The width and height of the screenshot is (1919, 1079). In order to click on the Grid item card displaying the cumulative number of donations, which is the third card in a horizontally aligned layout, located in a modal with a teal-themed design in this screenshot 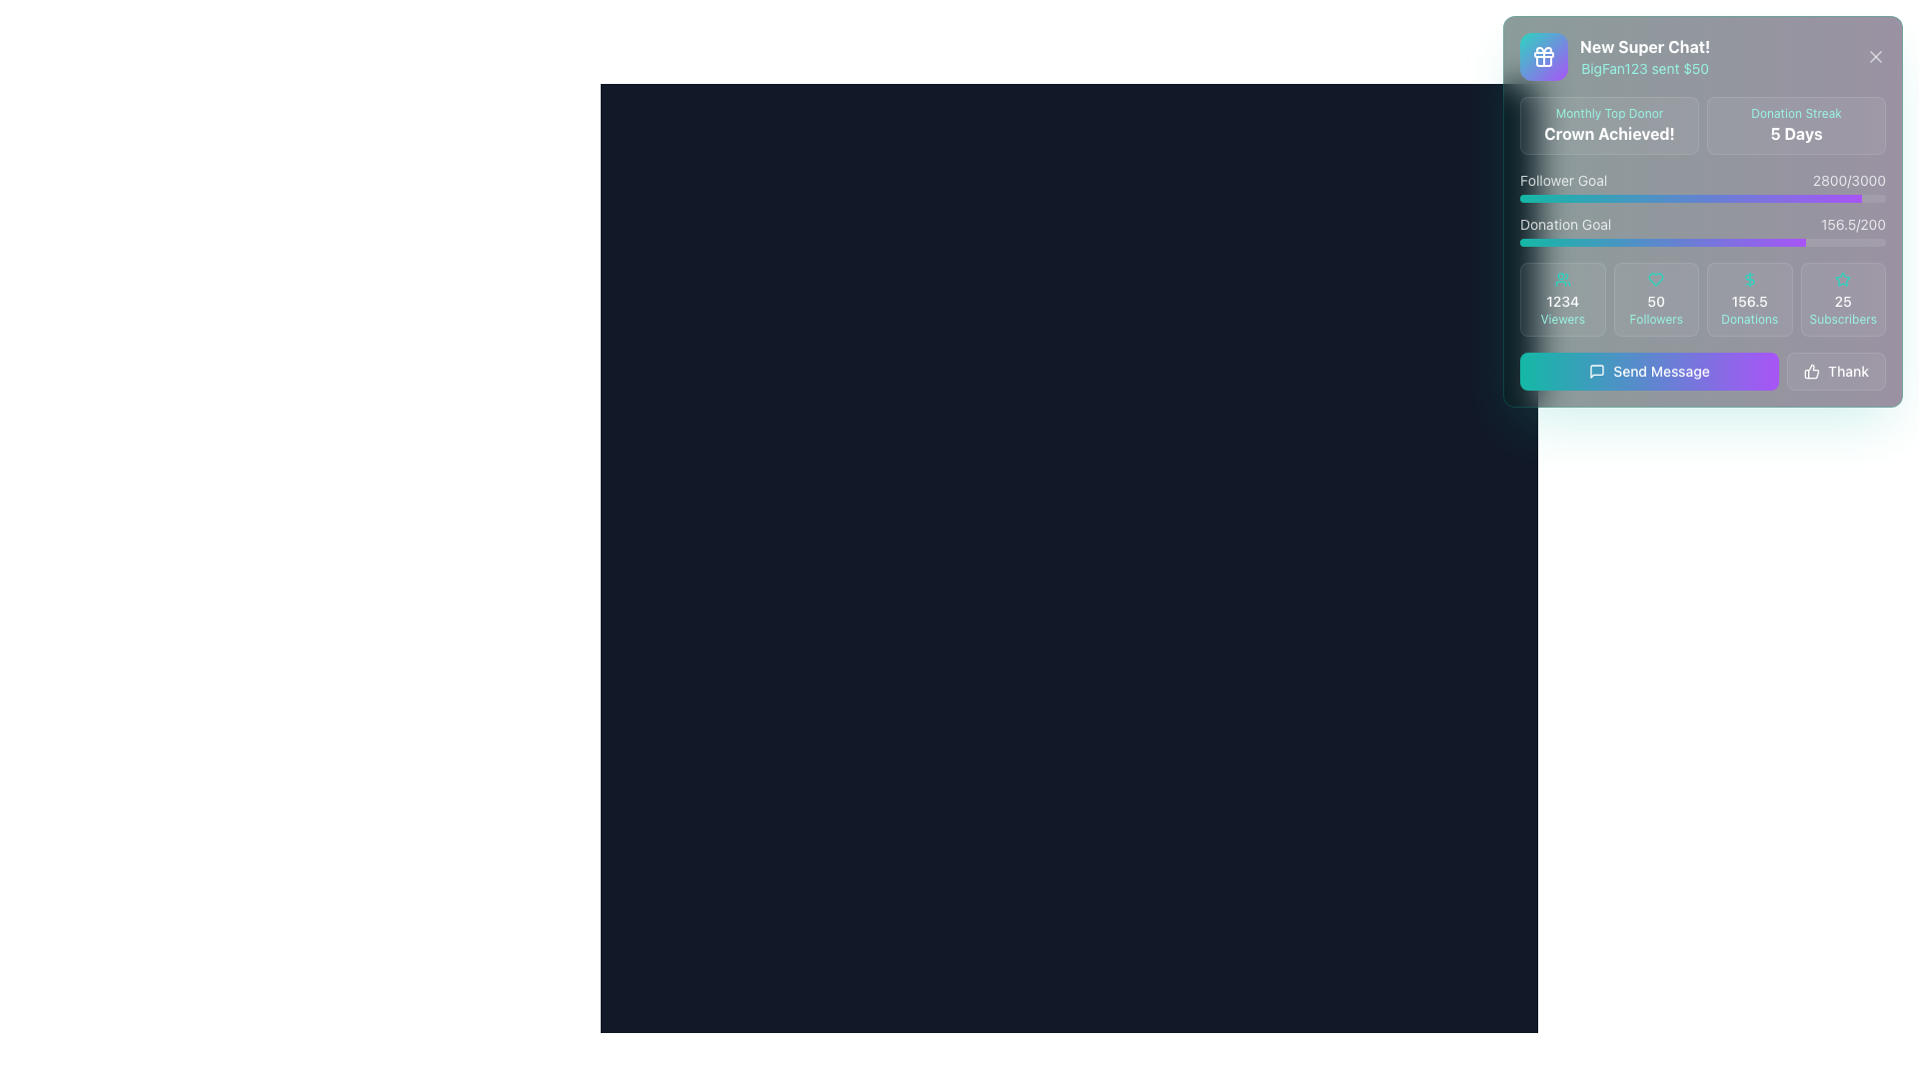, I will do `click(1748, 300)`.